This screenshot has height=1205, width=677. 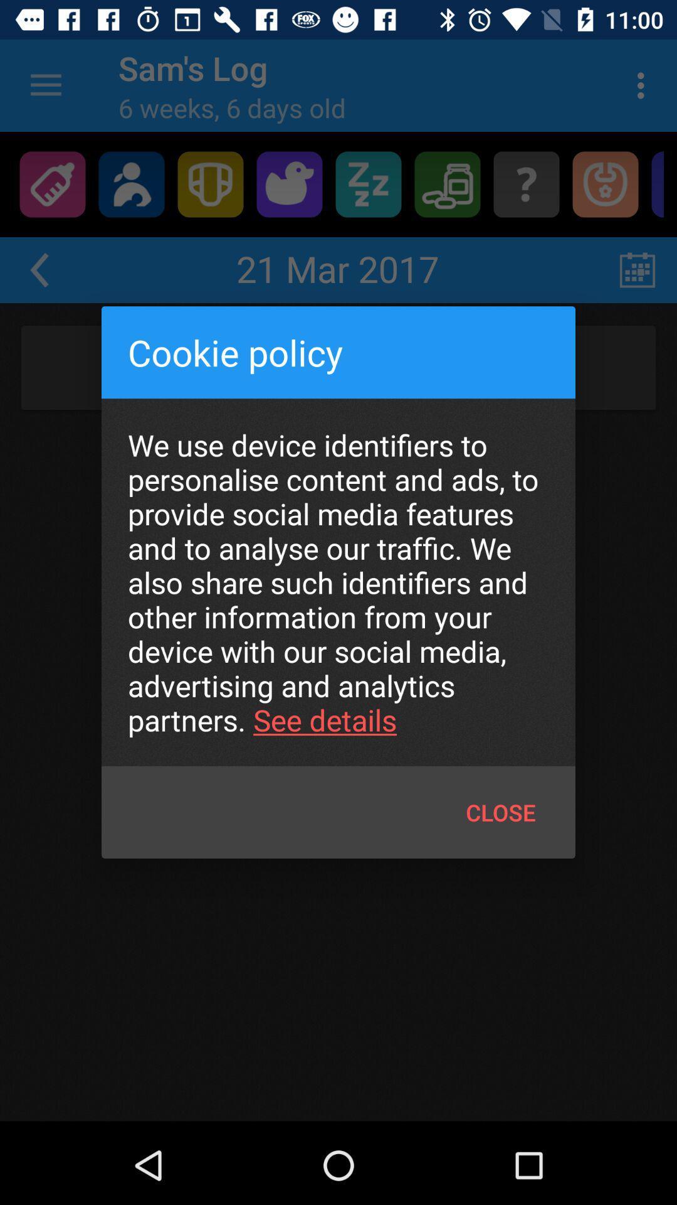 What do you see at coordinates (500, 812) in the screenshot?
I see `close item` at bounding box center [500, 812].